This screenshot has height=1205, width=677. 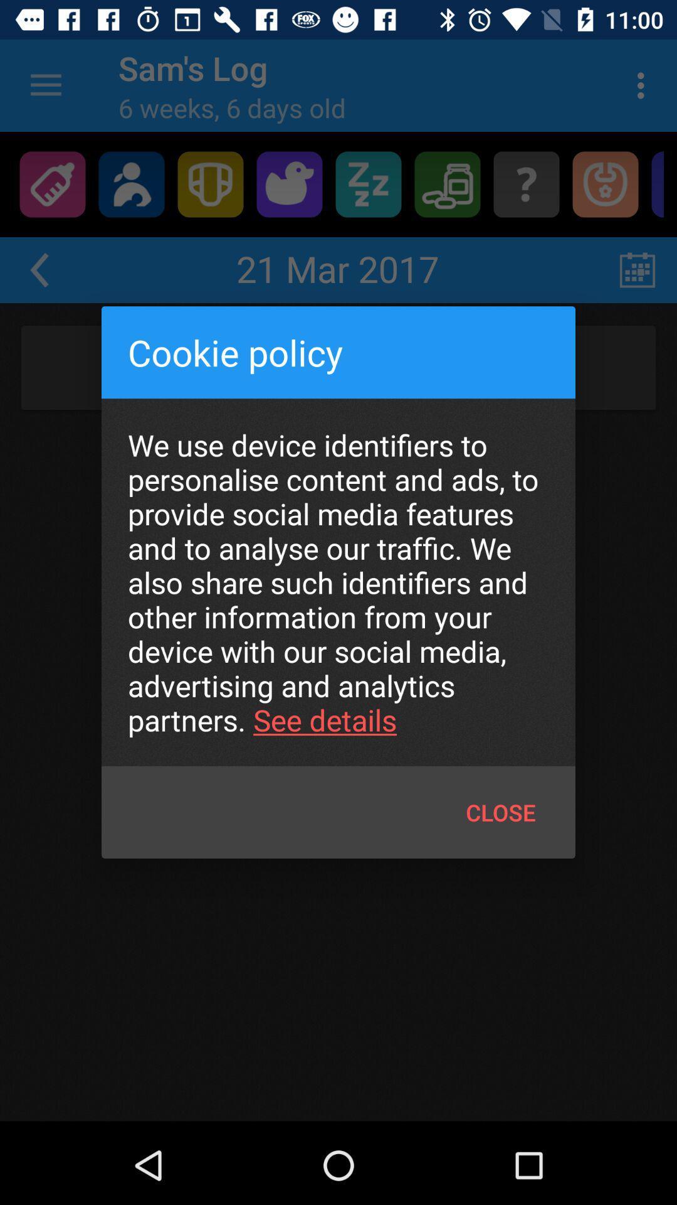 What do you see at coordinates (500, 812) in the screenshot?
I see `close item` at bounding box center [500, 812].